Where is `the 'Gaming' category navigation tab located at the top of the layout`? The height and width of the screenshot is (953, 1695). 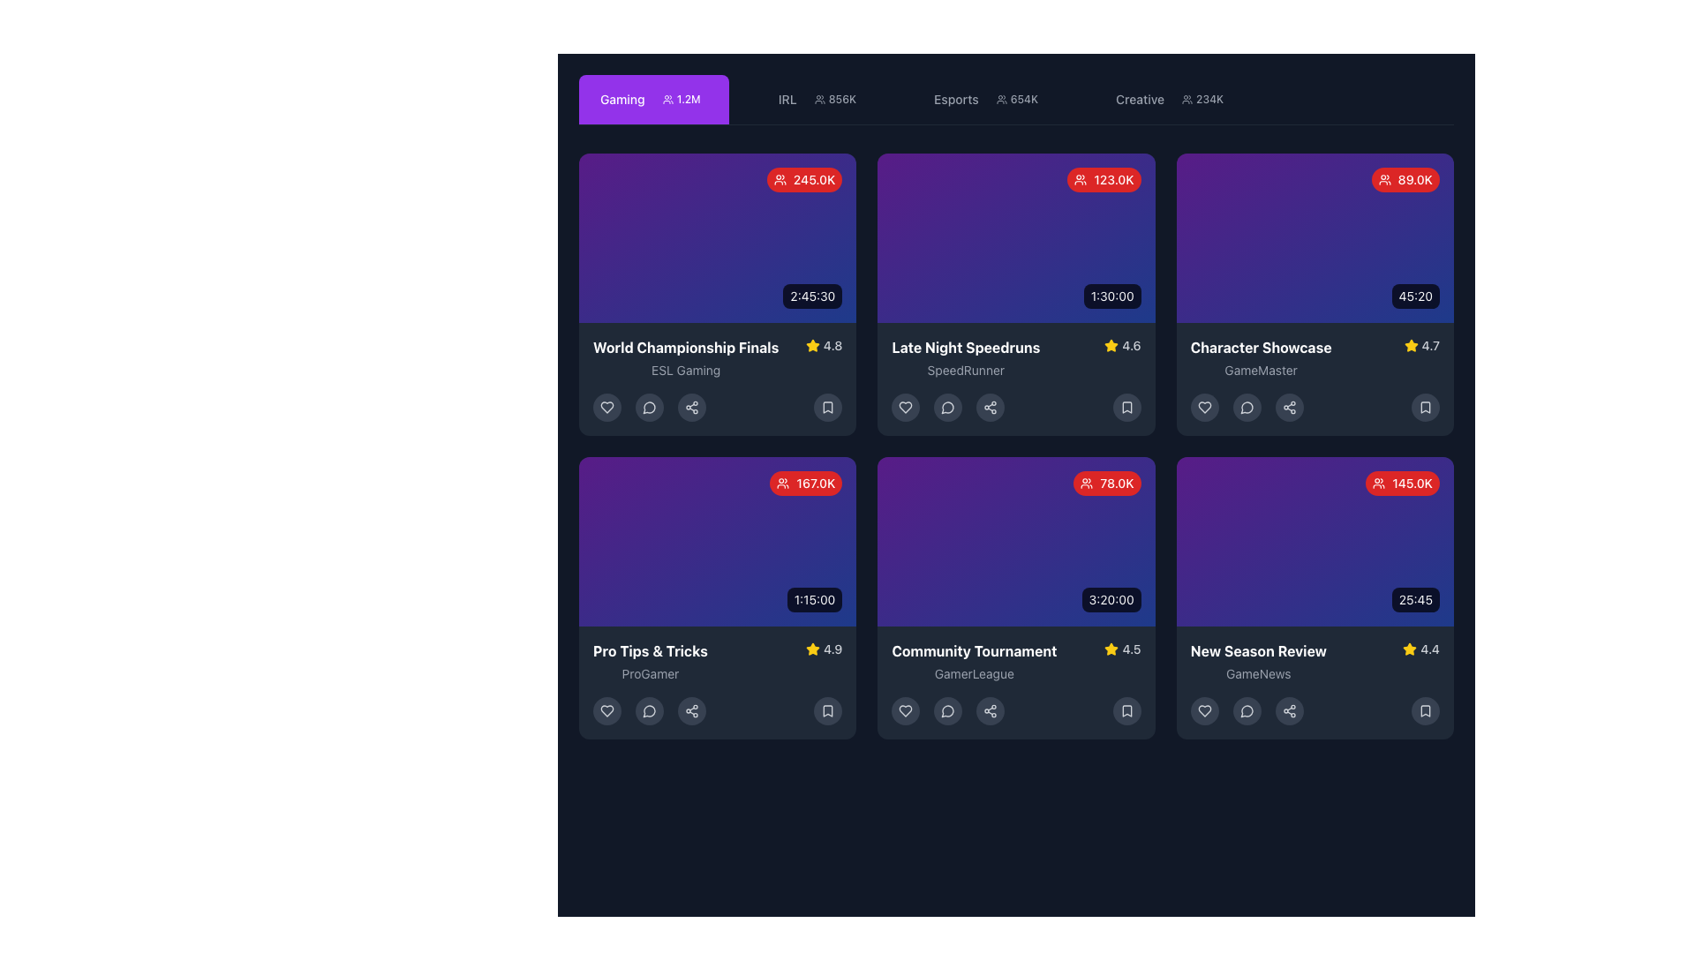 the 'Gaming' category navigation tab located at the top of the layout is located at coordinates (652, 99).